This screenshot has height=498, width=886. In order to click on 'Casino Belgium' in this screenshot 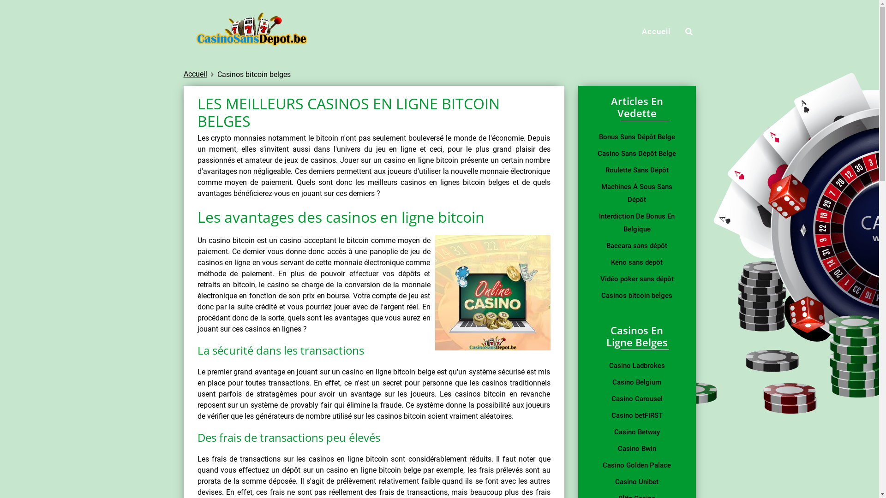, I will do `click(636, 382)`.